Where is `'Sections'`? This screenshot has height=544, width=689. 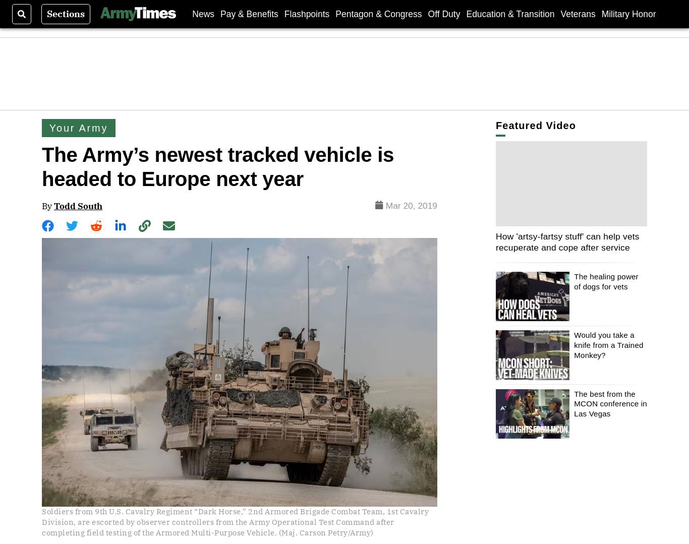 'Sections' is located at coordinates (47, 13).